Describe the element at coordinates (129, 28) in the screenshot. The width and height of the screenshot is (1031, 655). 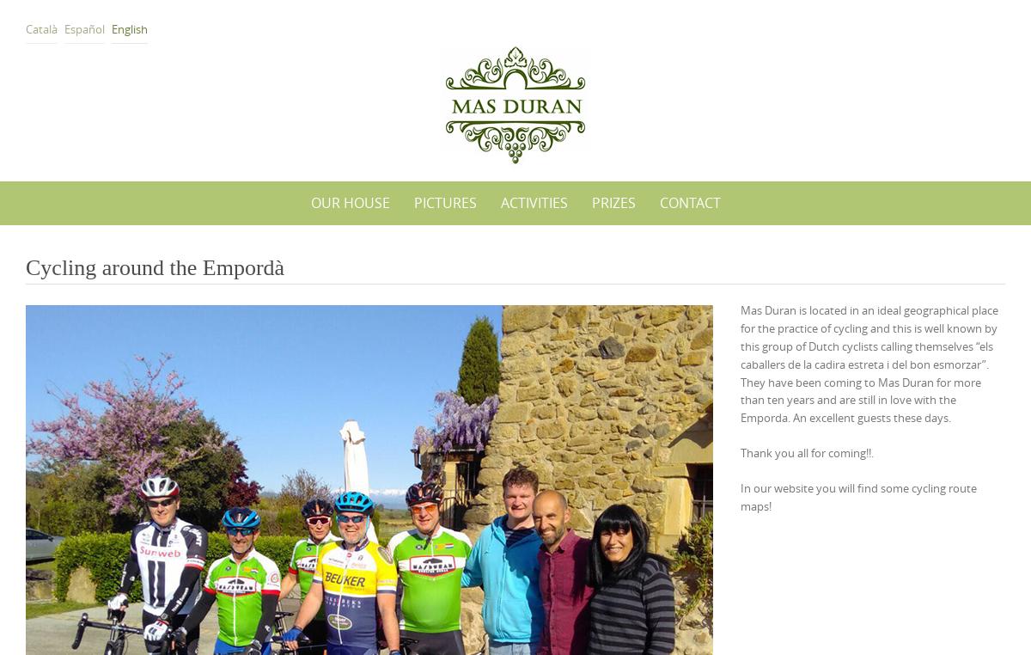
I see `'English'` at that location.